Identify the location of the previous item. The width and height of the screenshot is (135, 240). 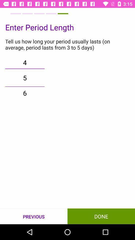
(34, 216).